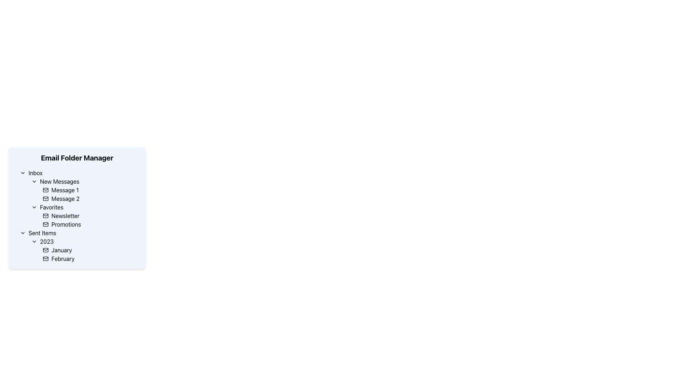 The height and width of the screenshot is (386, 686). I want to click on the envelope icon located beside the 'January' text in the 'Sent Items' section of the interface, so click(45, 249).